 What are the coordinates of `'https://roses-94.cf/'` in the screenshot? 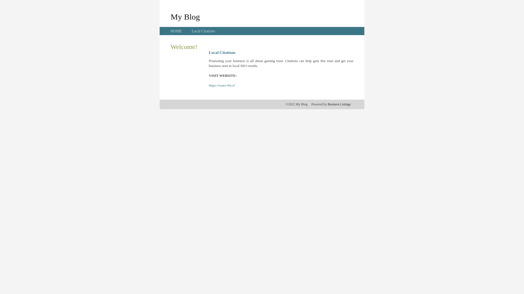 It's located at (208, 85).